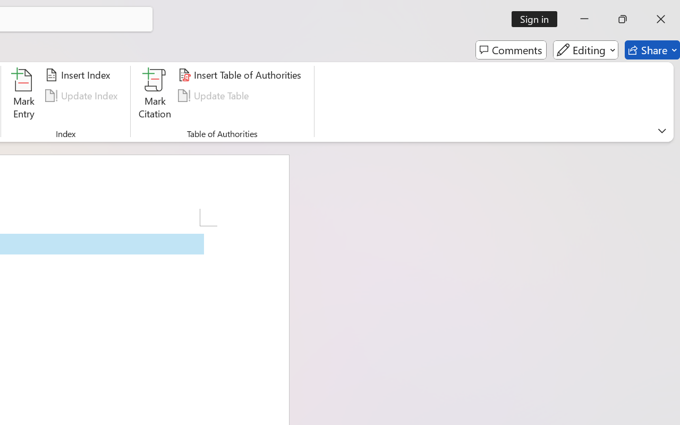  Describe the element at coordinates (155, 95) in the screenshot. I see `'Mark Citation...'` at that location.